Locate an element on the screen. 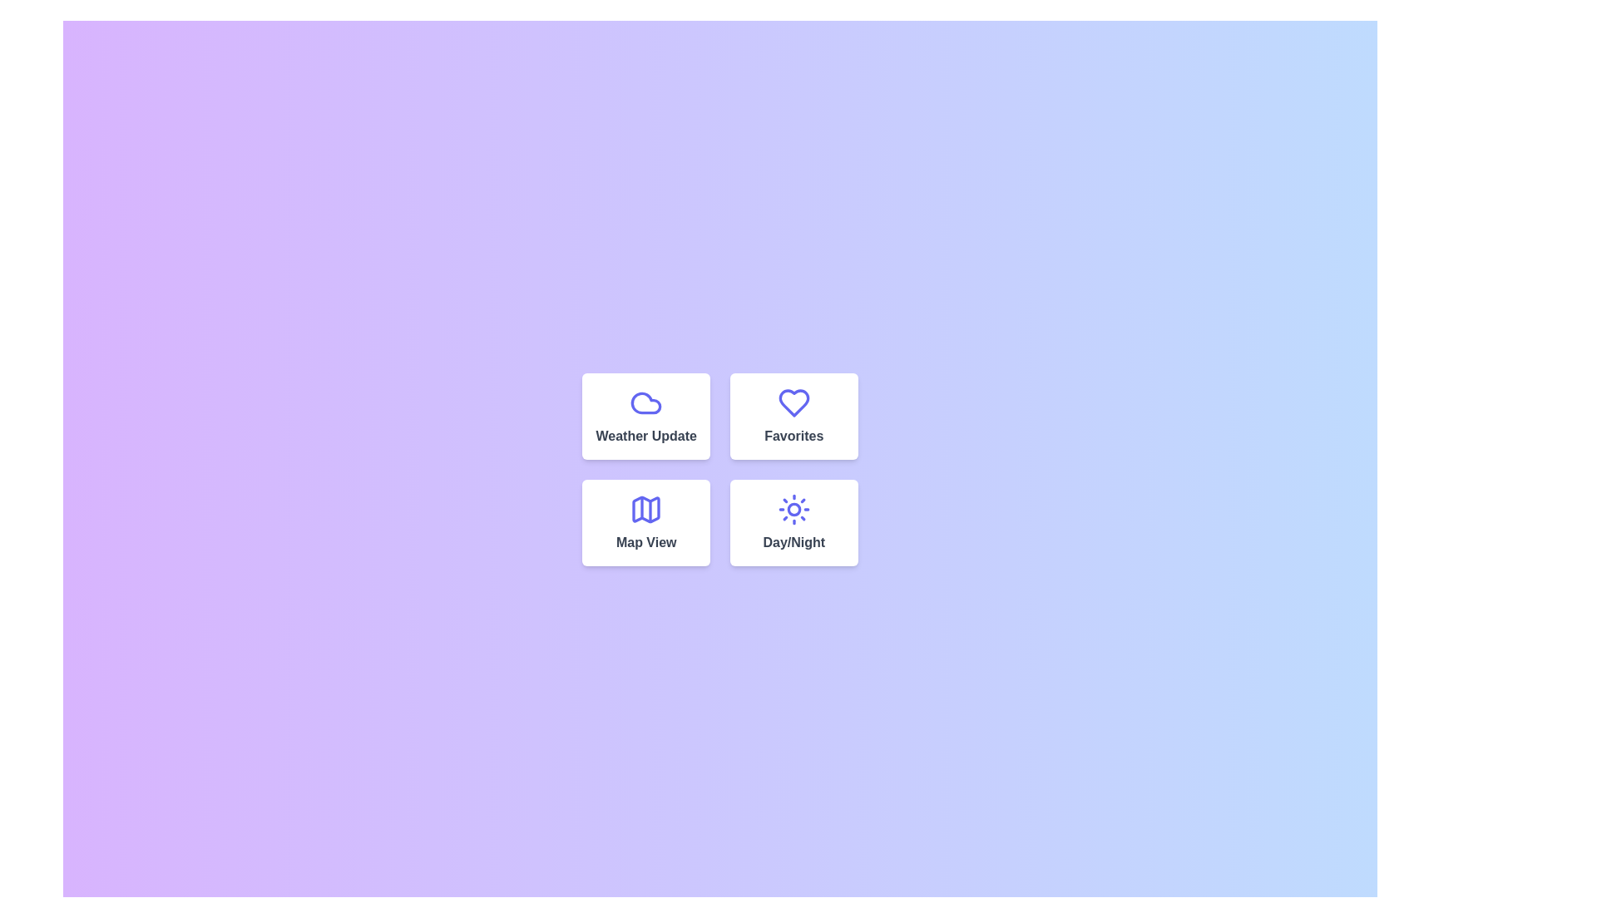 The width and height of the screenshot is (1597, 898). the map icon that is styled in indigo shades and located in the lower-left of a grid card labeled 'Map View' is located at coordinates (645, 509).